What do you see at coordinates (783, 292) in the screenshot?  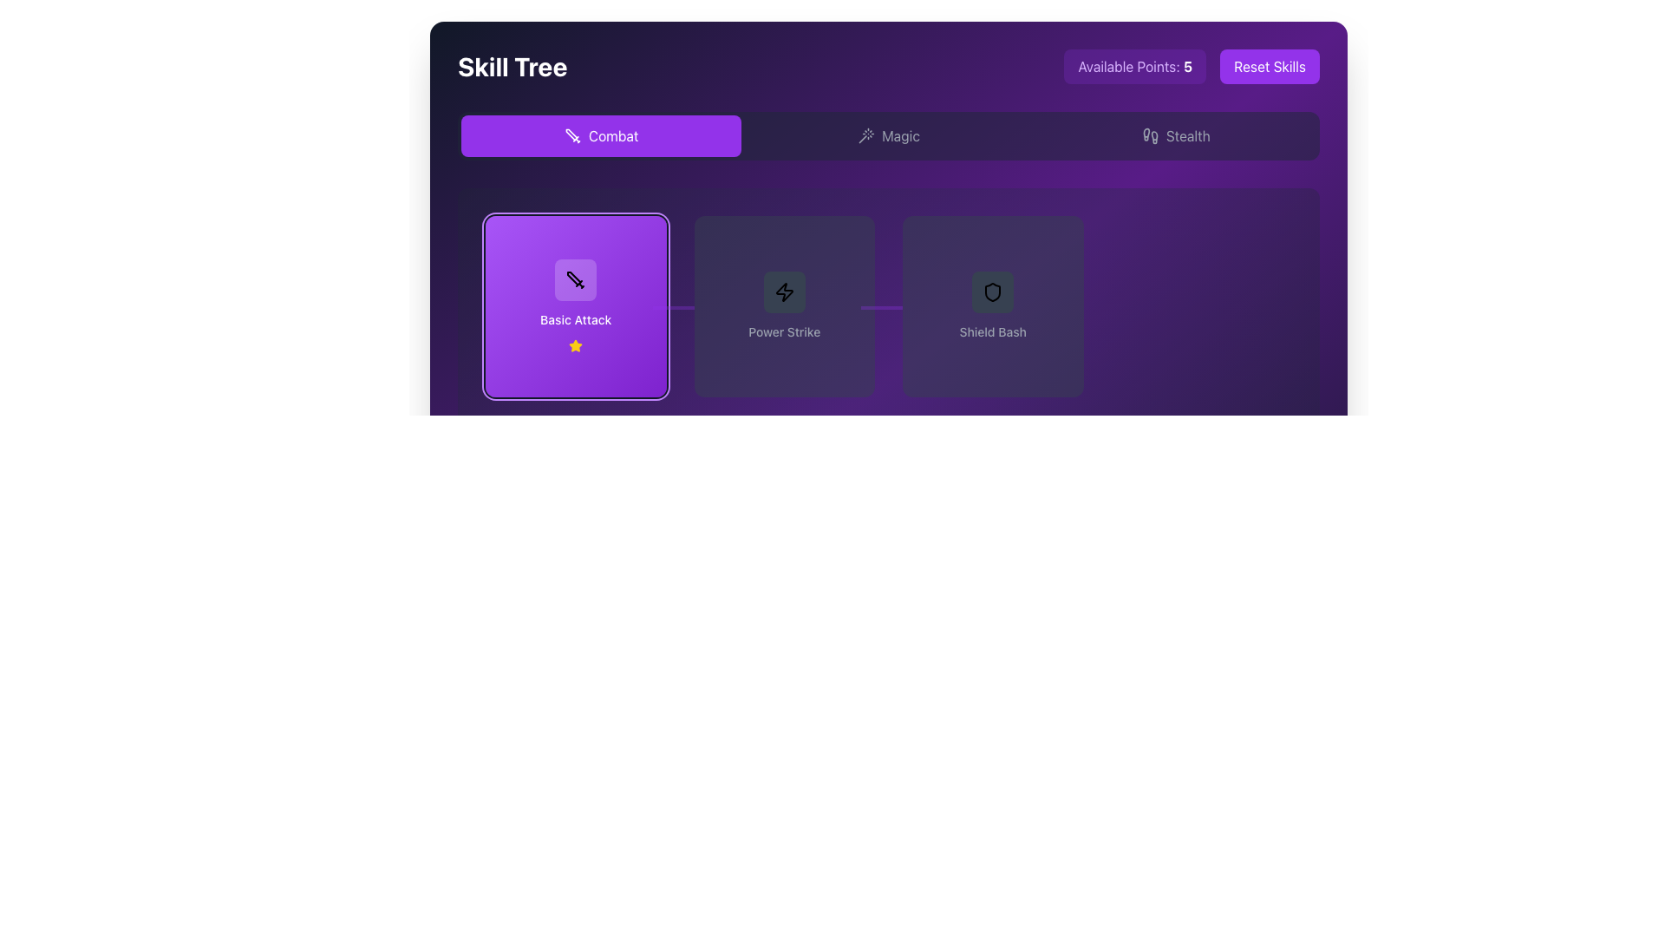 I see `the 'Power Strike' icon button` at bounding box center [783, 292].